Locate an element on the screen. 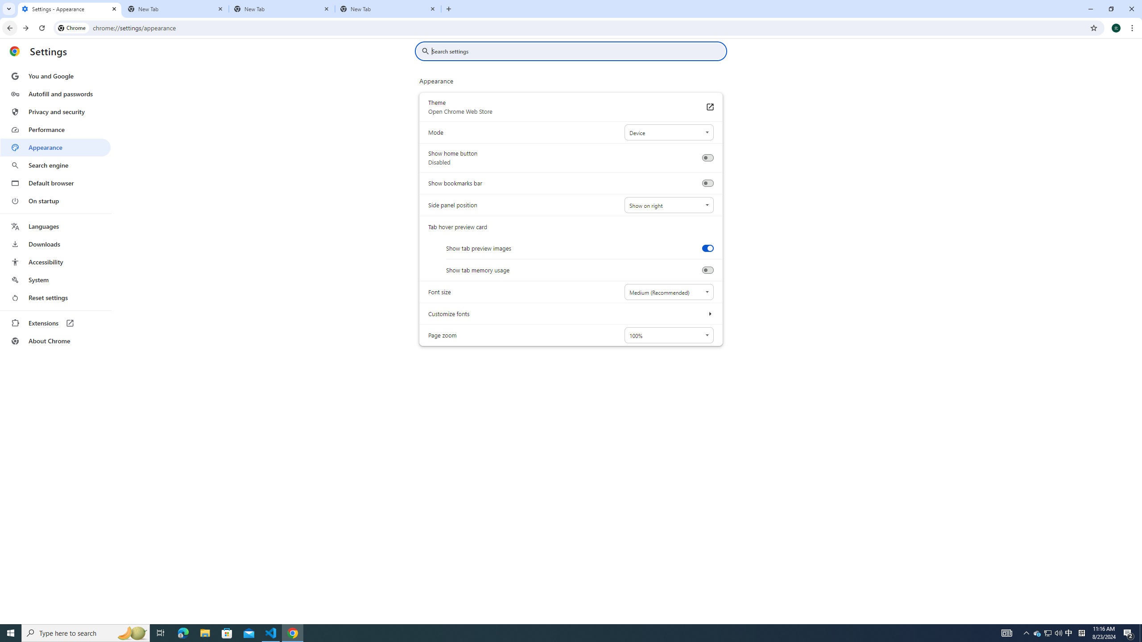 The width and height of the screenshot is (1142, 642). 'Show home button' is located at coordinates (707, 157).